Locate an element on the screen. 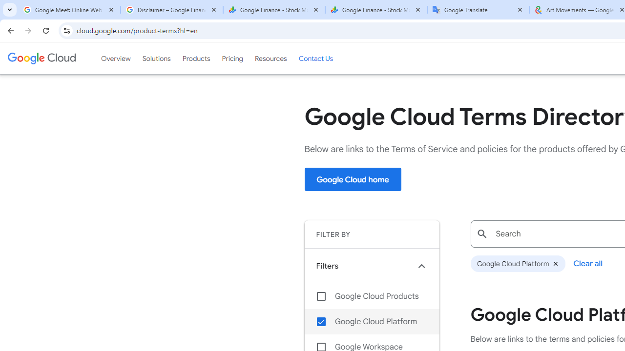  'Pricing' is located at coordinates (232, 58).